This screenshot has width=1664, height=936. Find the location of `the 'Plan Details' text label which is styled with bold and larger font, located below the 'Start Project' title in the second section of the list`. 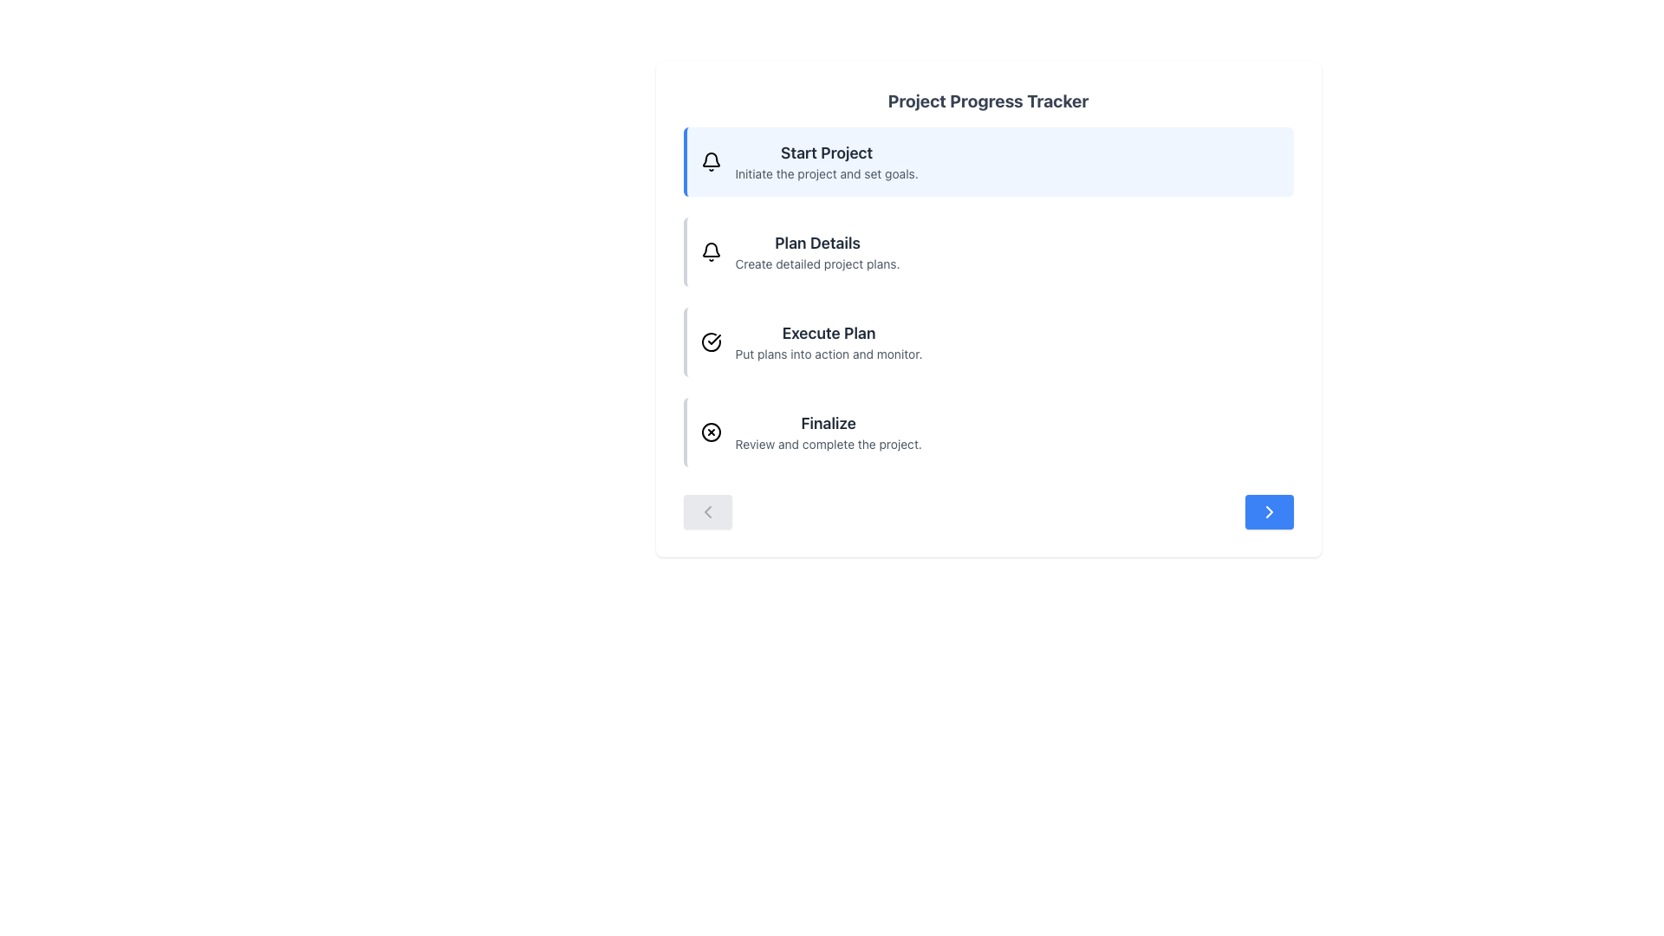

the 'Plan Details' text label which is styled with bold and larger font, located below the 'Start Project' title in the second section of the list is located at coordinates (816, 244).